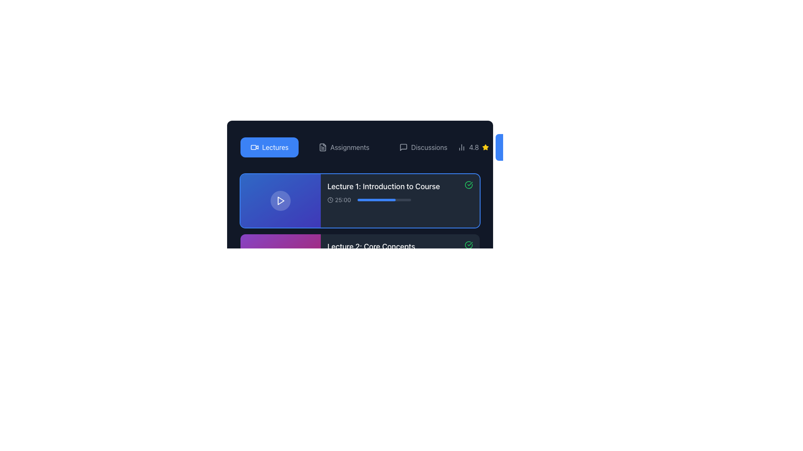 The height and width of the screenshot is (451, 803). I want to click on the 'Assignments' button, which features a document file icon and rounded corners, to observe the styling changes, so click(344, 147).